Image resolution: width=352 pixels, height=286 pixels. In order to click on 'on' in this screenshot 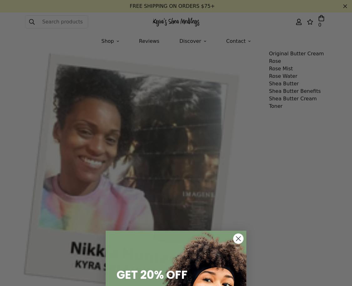, I will do `click(141, 35)`.